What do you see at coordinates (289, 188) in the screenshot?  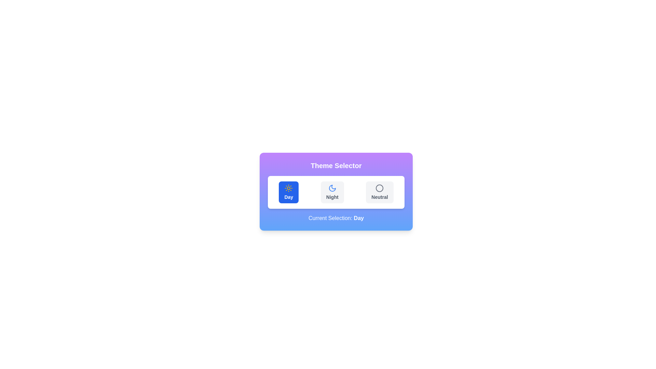 I see `the 'Day' theme icon in the 'Theme Selector' widget, which is the leftmost option in a horizontal layout of three options` at bounding box center [289, 188].